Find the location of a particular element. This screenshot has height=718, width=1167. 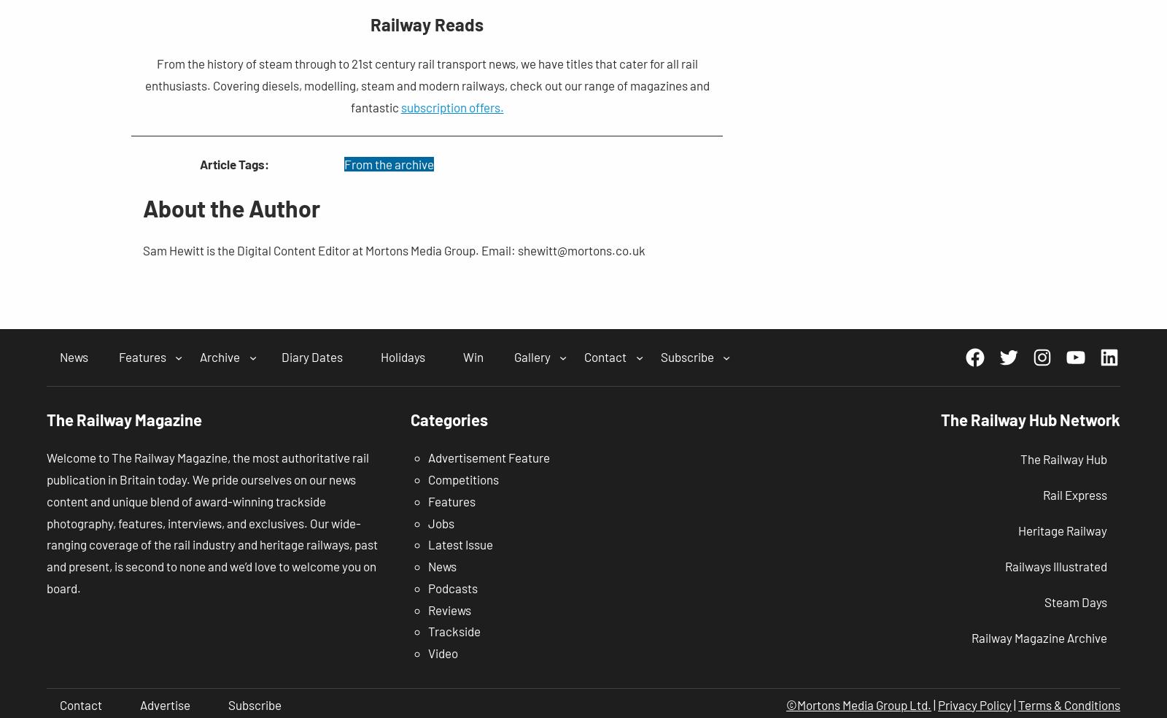

'Advertise' is located at coordinates (165, 704).